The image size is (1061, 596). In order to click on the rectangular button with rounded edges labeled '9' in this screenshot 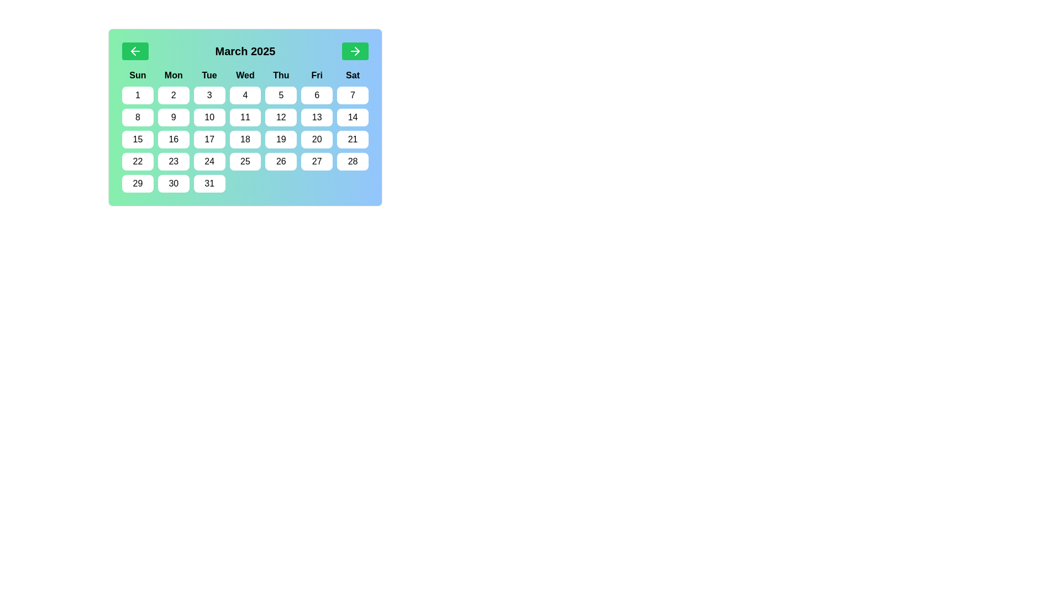, I will do `click(173, 117)`.